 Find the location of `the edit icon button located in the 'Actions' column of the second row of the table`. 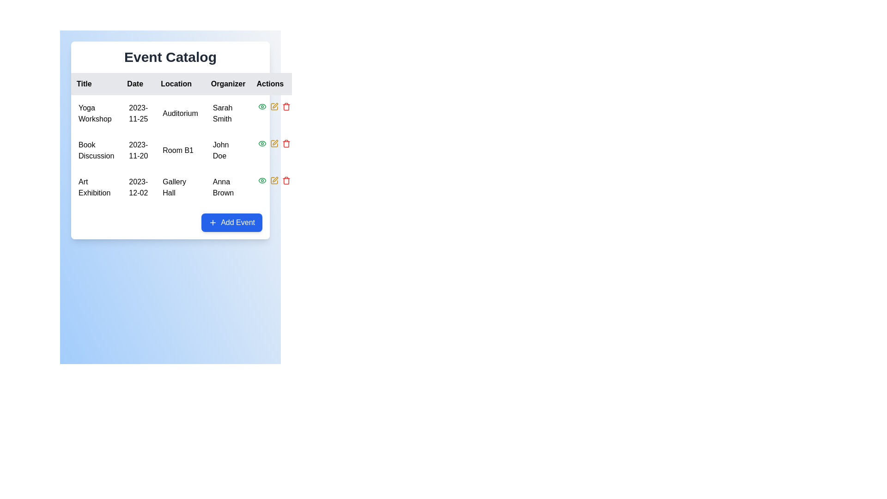

the edit icon button located in the 'Actions' column of the second row of the table is located at coordinates (274, 144).